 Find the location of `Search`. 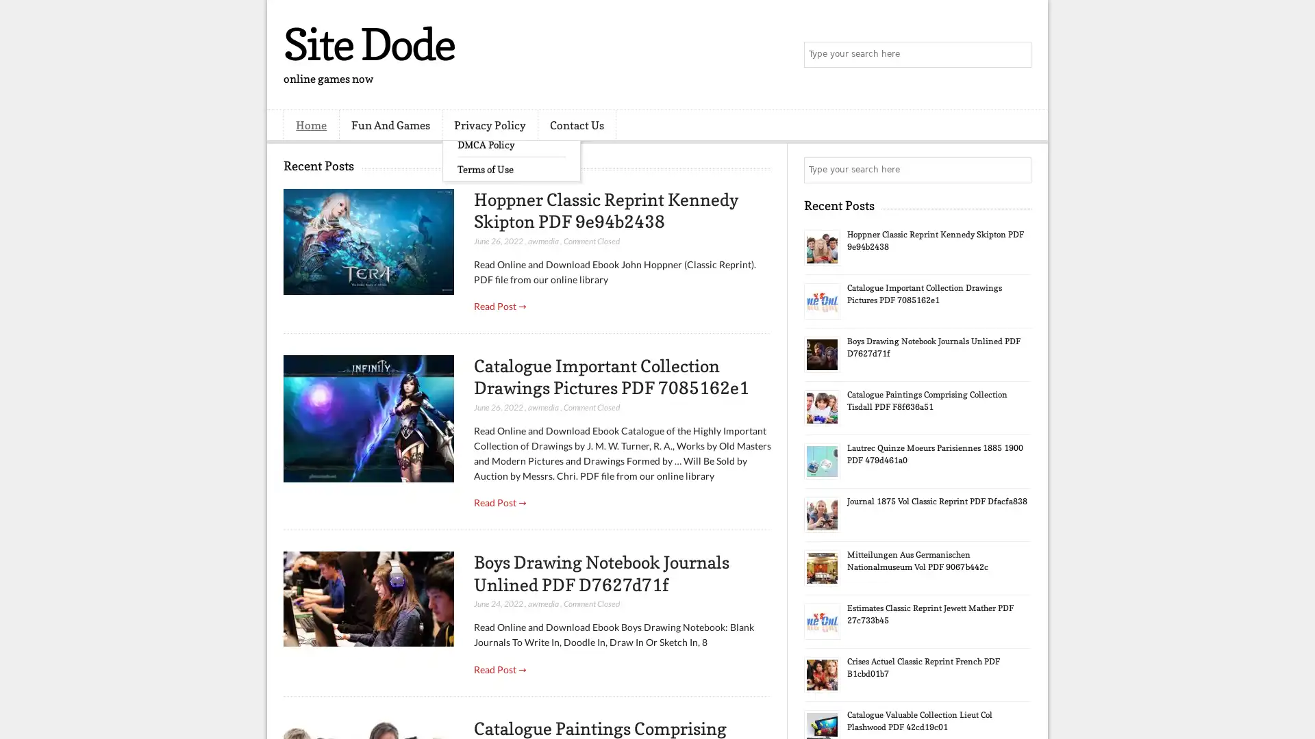

Search is located at coordinates (1017, 55).